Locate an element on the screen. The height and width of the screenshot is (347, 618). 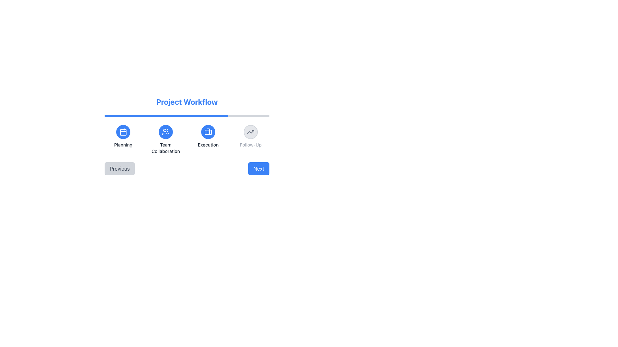
the blue circular button containing the icon of two stylized human figures is located at coordinates (165, 132).